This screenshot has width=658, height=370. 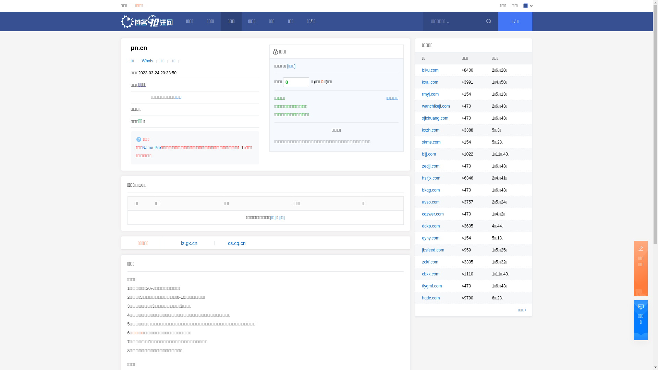 What do you see at coordinates (436, 106) in the screenshot?
I see `'wanchikeji.com'` at bounding box center [436, 106].